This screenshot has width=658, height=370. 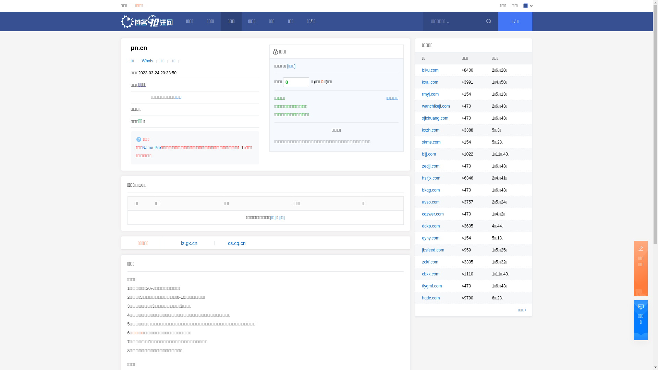 What do you see at coordinates (436, 106) in the screenshot?
I see `'wanchikeji.com'` at bounding box center [436, 106].